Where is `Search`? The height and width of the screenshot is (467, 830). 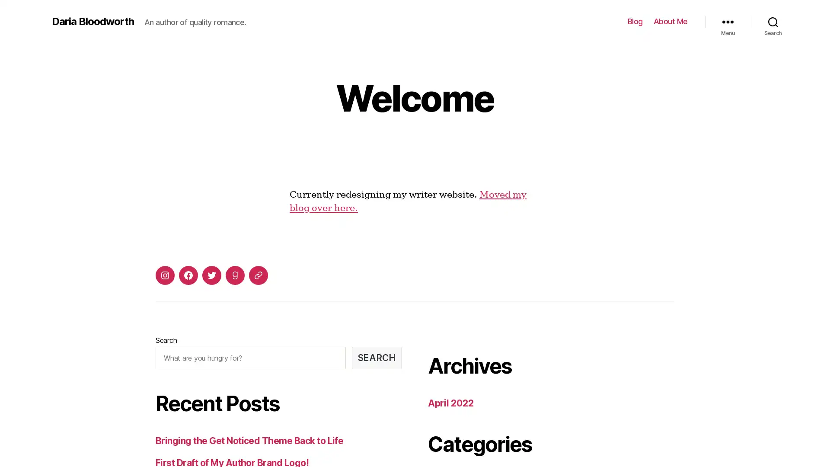
Search is located at coordinates (773, 21).